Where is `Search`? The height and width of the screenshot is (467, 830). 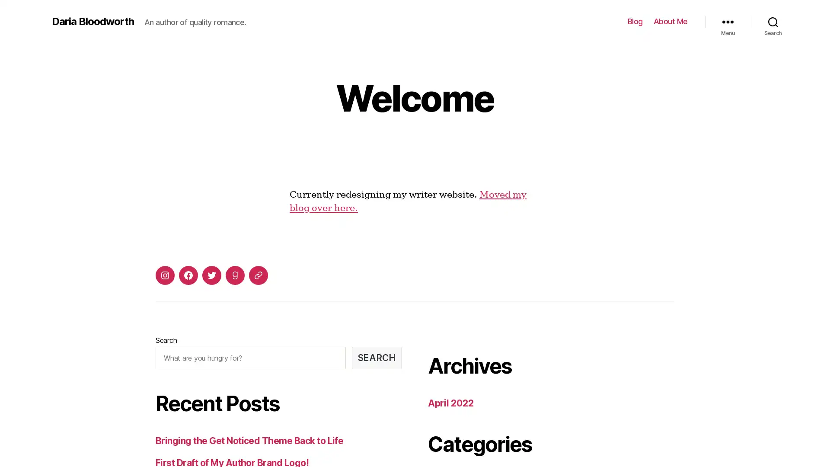
Search is located at coordinates (773, 21).